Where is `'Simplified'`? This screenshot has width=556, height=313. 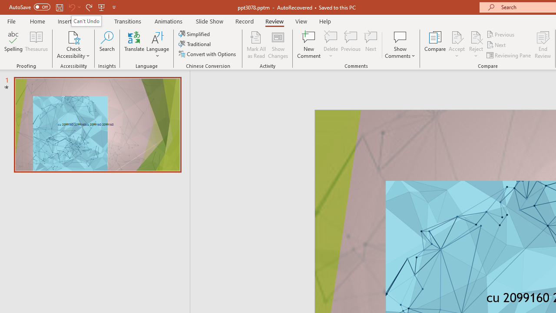 'Simplified' is located at coordinates (195, 33).